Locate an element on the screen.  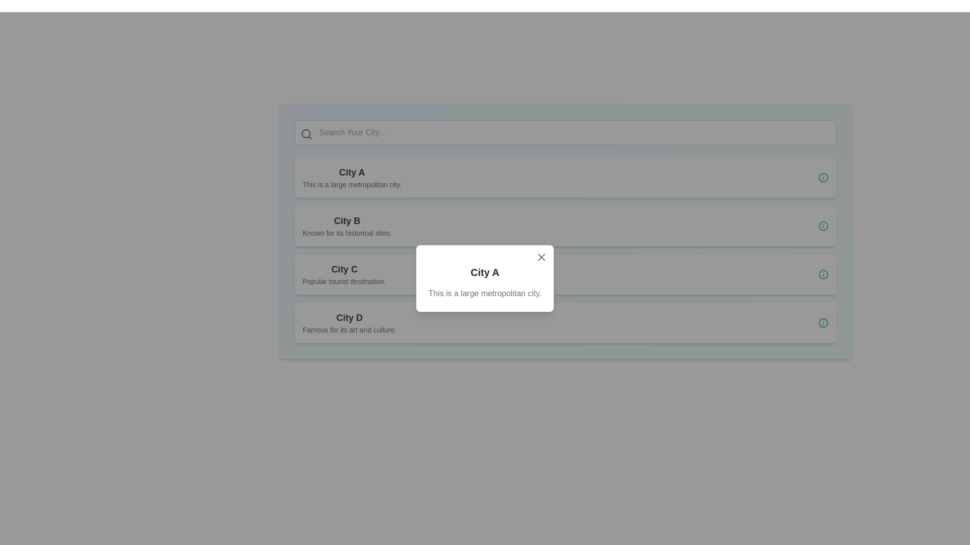
the close button located at the top-right corner of the modal window is located at coordinates (541, 256).